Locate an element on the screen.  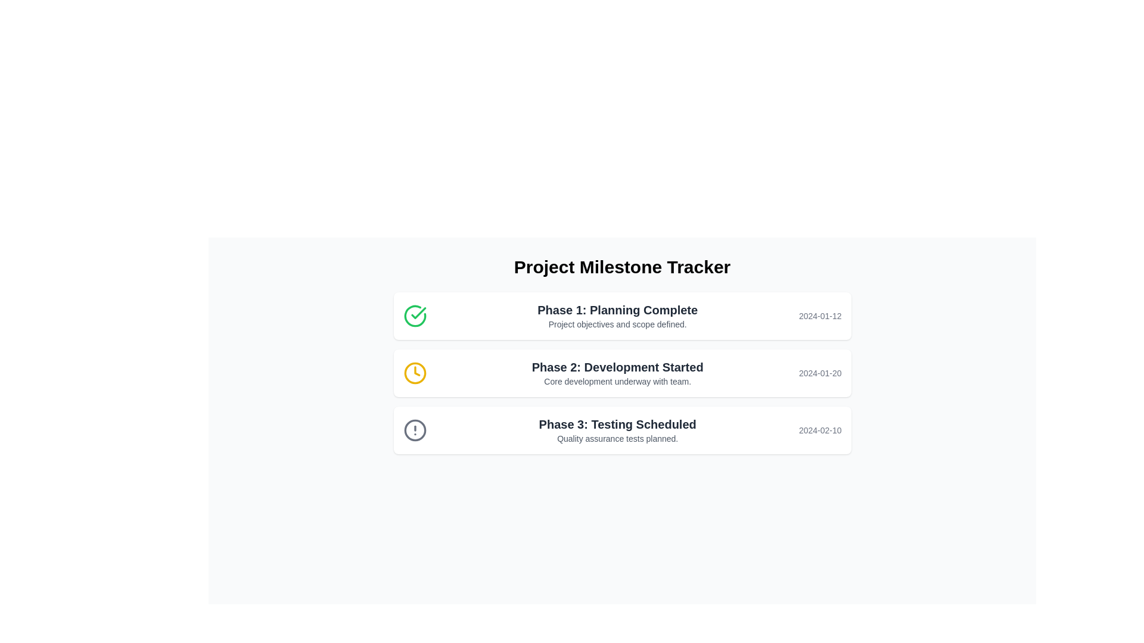
the static text displaying the scheduled date for 'Phase 3: Testing Scheduled' in the 'Project Milestone Tracker' interface, located at the bottom of the list is located at coordinates (819, 430).